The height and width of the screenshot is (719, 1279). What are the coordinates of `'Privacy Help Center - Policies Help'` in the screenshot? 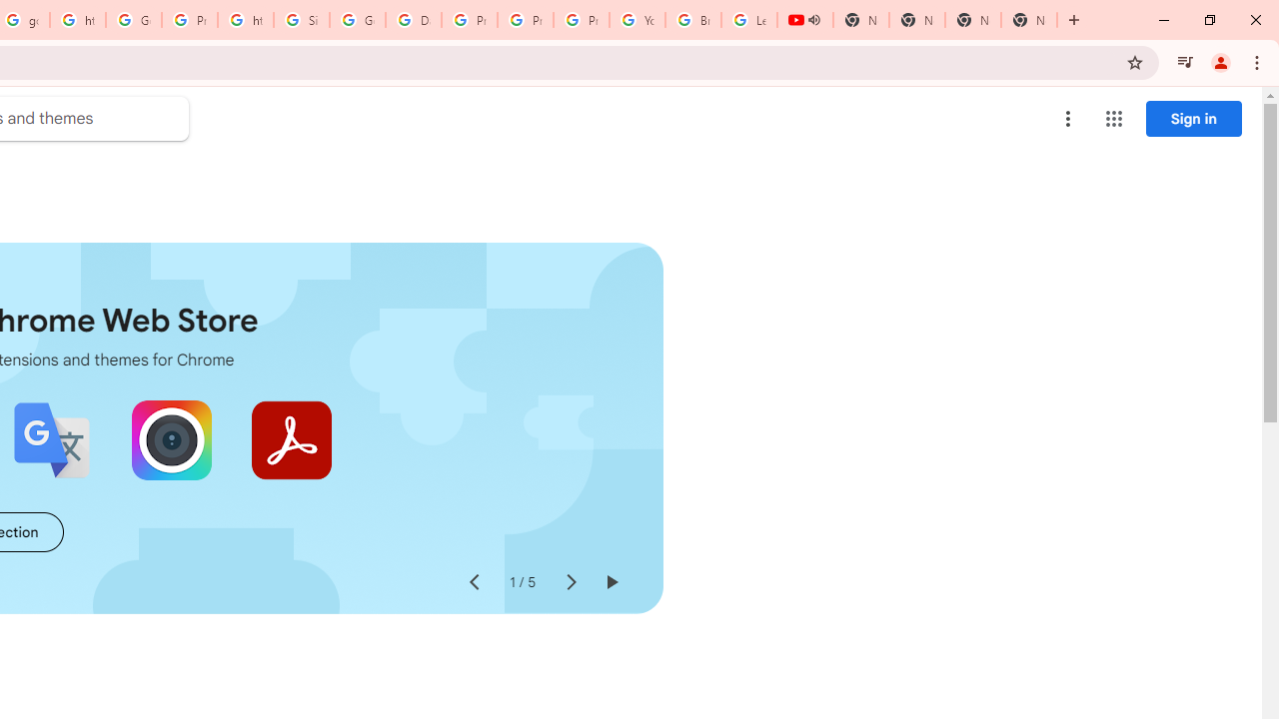 It's located at (468, 20).